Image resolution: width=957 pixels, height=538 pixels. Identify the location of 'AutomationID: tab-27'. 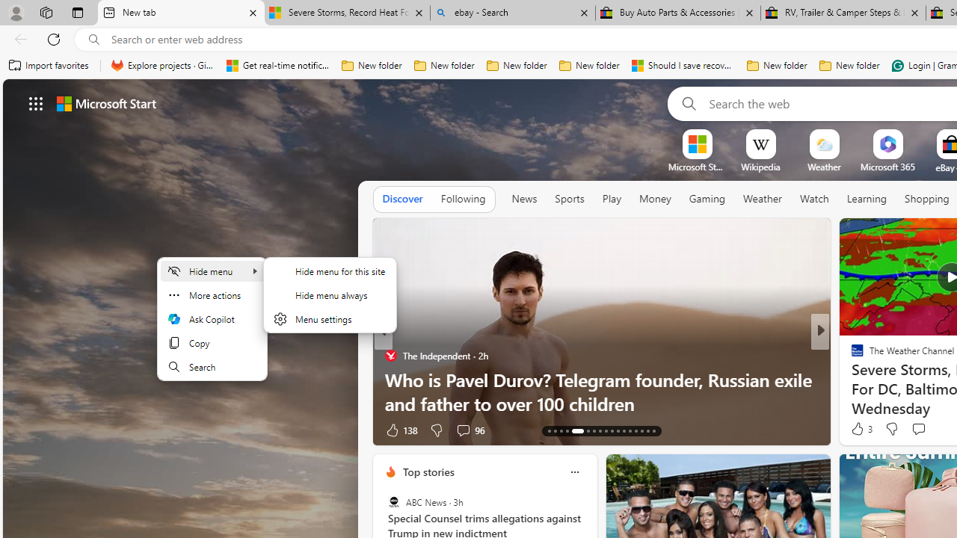
(641, 431).